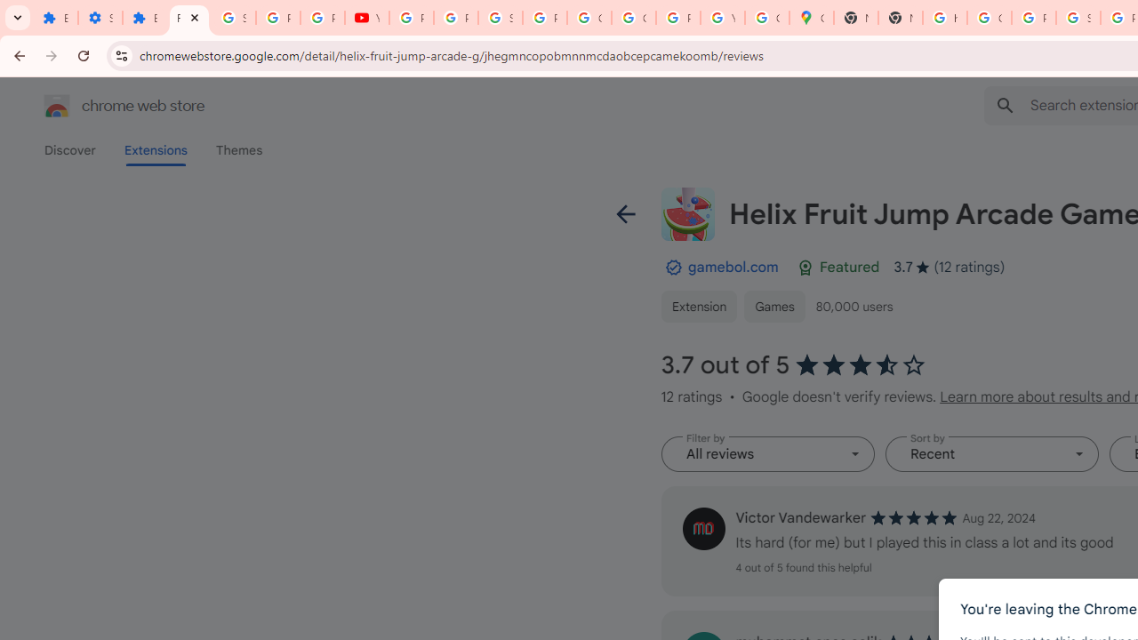  Describe the element at coordinates (100, 18) in the screenshot. I see `'Settings'` at that location.